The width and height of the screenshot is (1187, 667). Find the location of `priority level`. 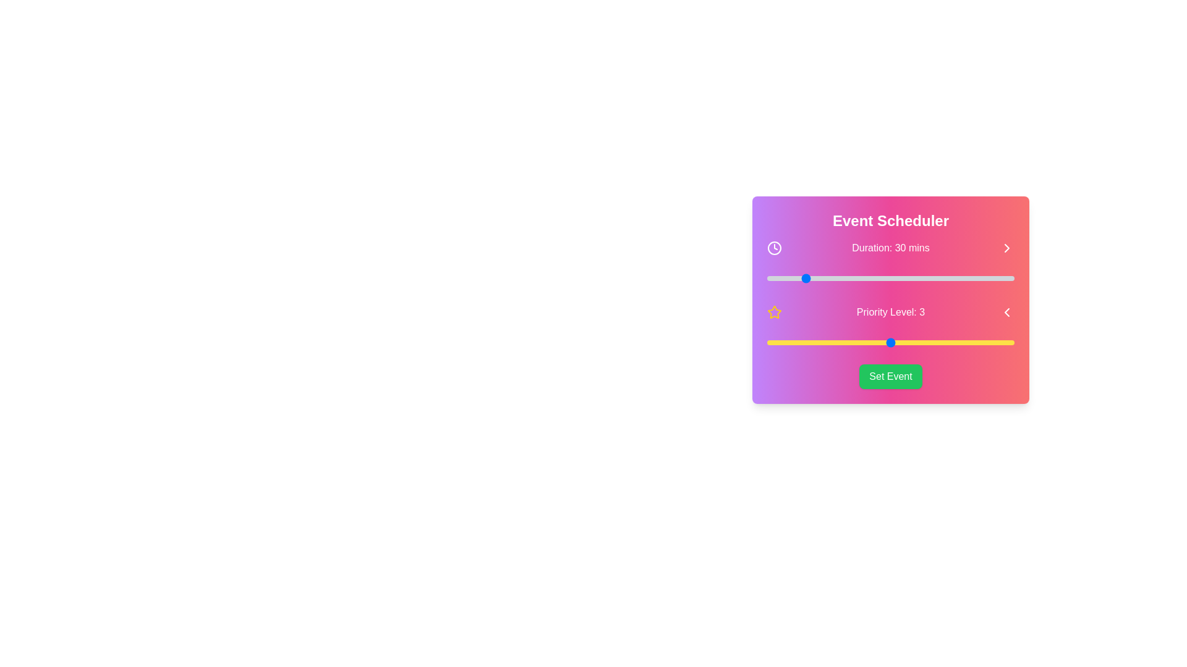

priority level is located at coordinates (890, 343).